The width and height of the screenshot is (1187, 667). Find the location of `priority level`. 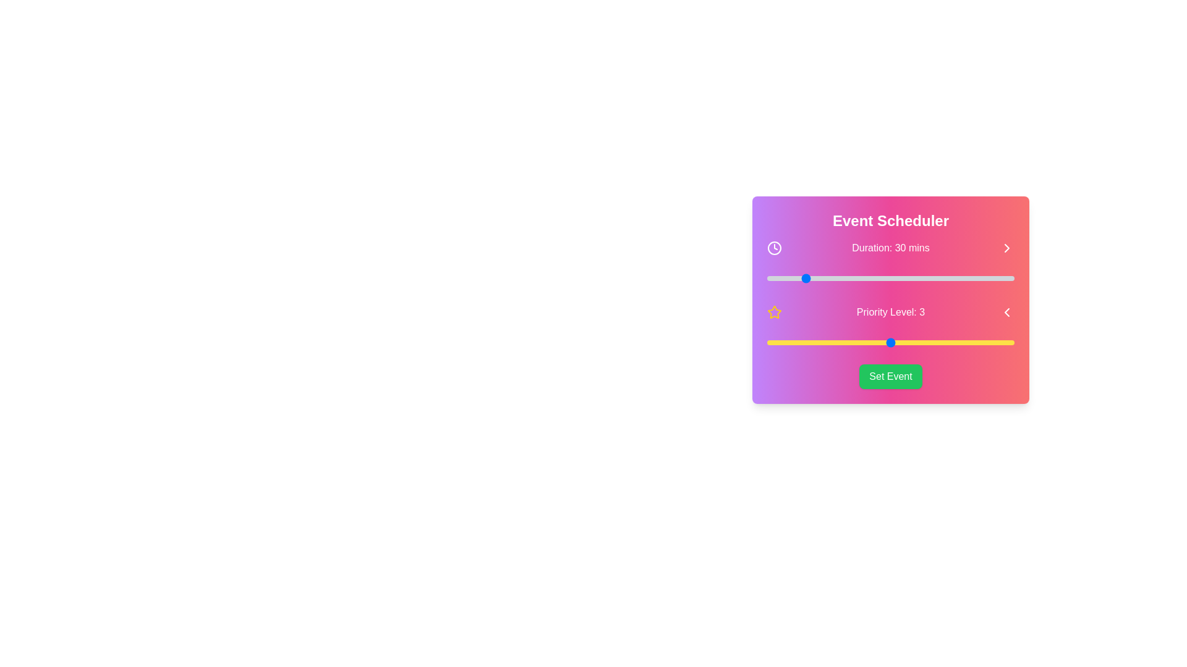

priority level is located at coordinates (890, 343).